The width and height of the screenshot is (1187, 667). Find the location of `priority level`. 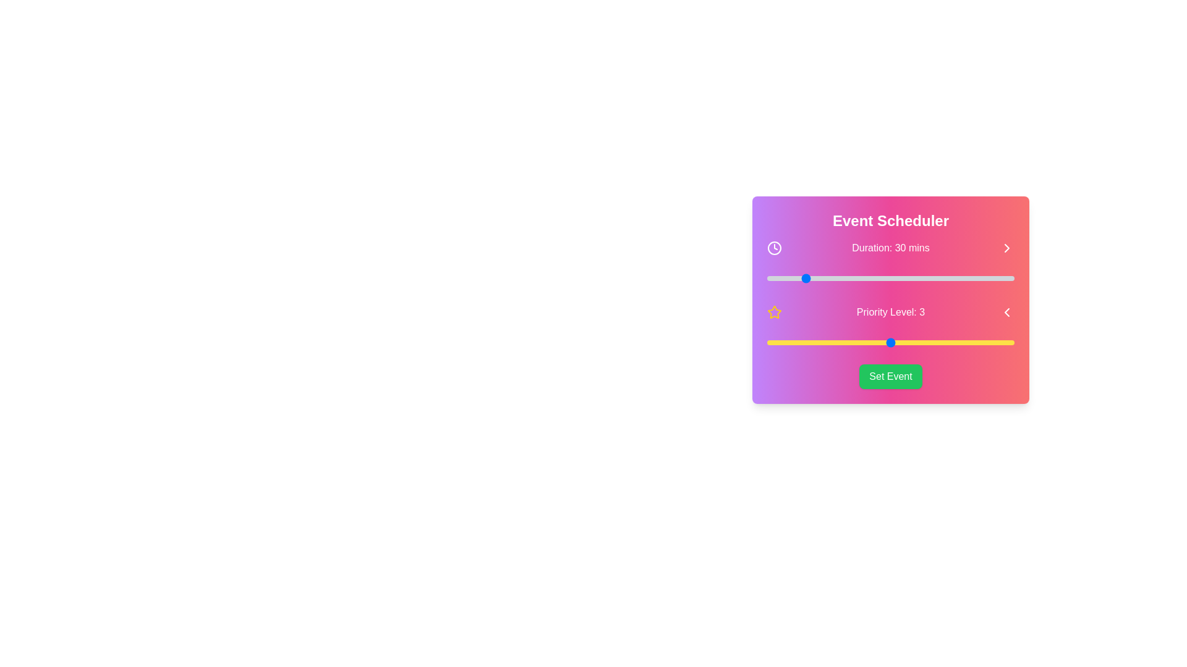

priority level is located at coordinates (890, 343).